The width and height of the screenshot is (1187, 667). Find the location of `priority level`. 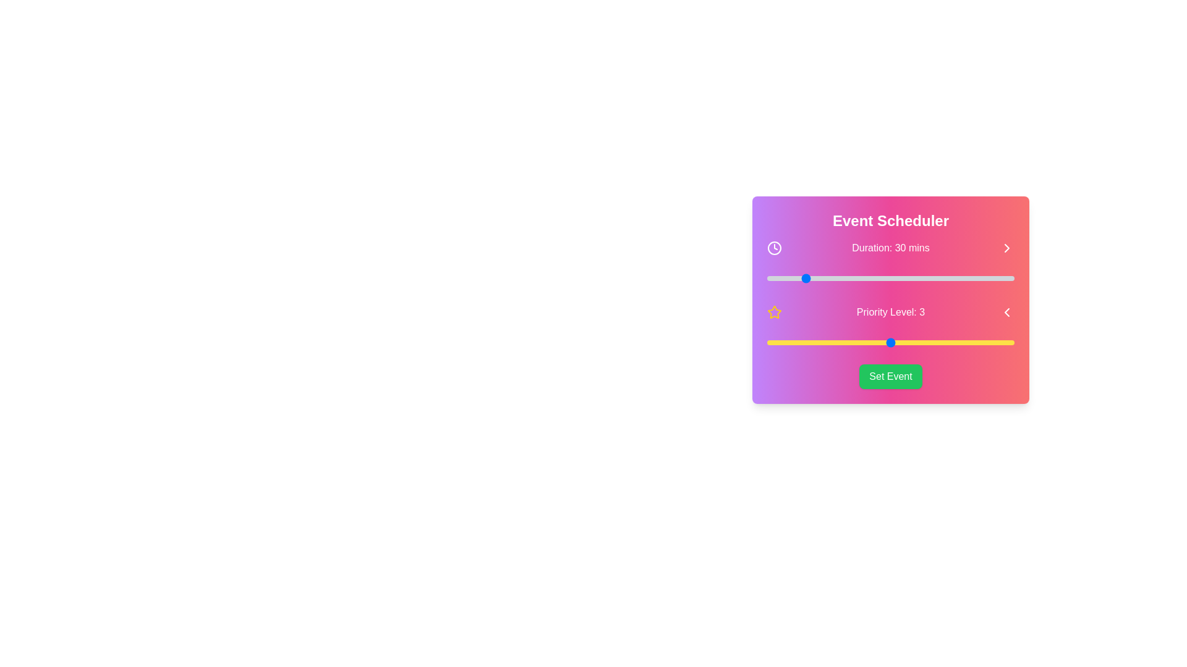

priority level is located at coordinates (890, 343).